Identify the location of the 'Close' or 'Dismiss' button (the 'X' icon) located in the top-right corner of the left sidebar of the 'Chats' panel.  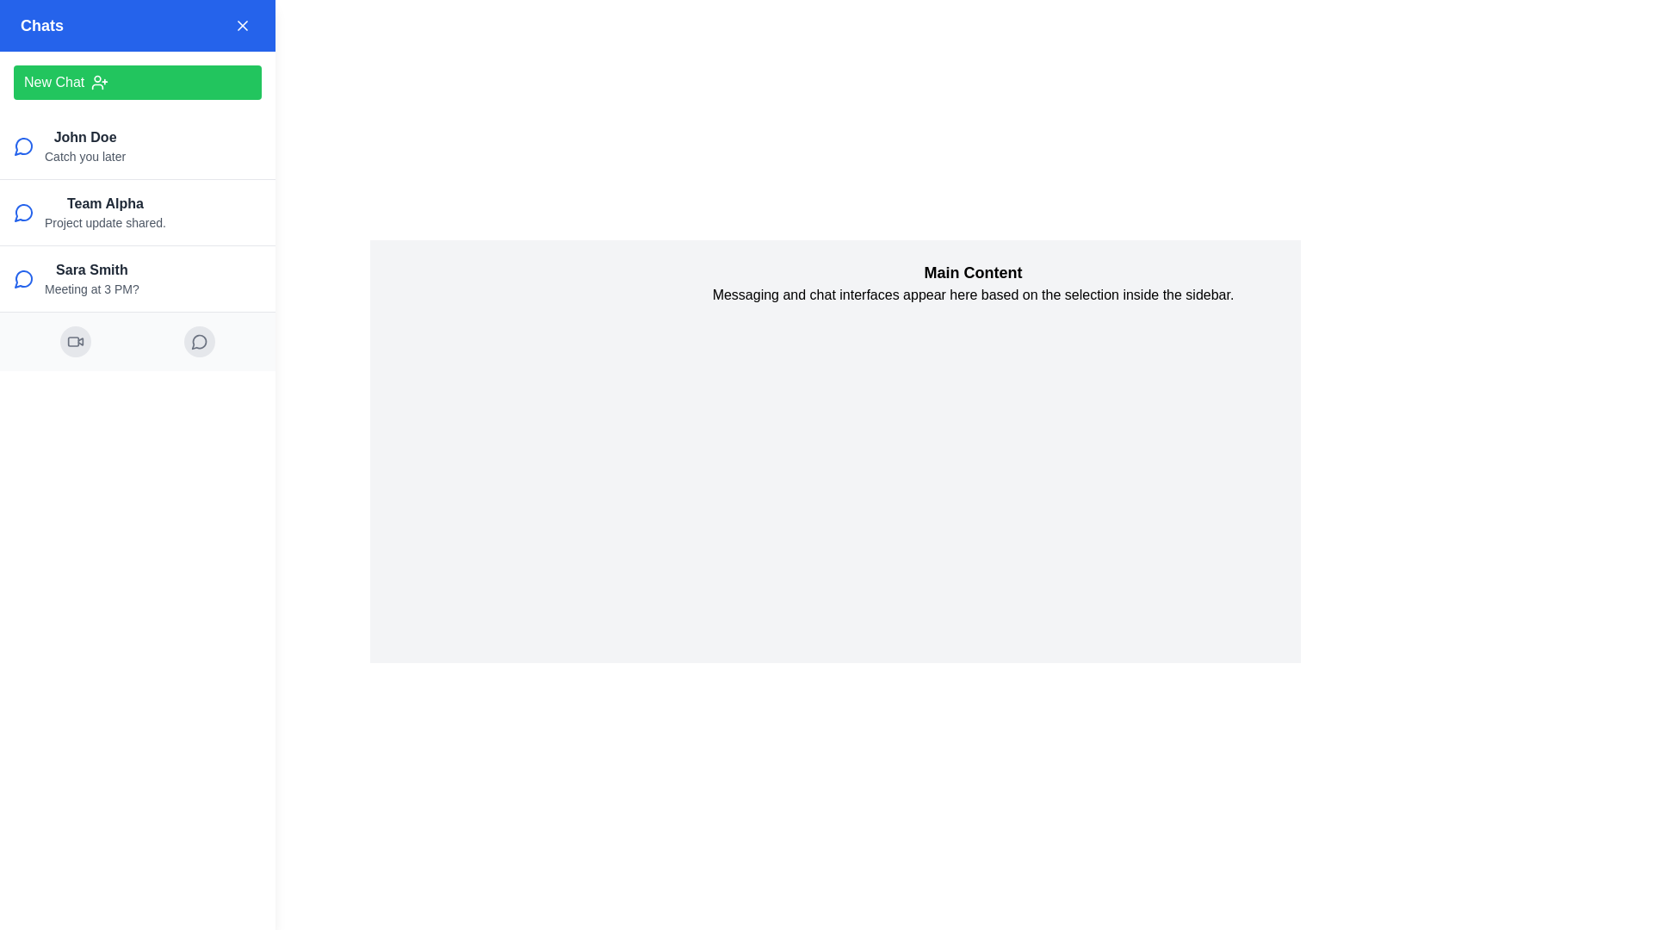
(242, 26).